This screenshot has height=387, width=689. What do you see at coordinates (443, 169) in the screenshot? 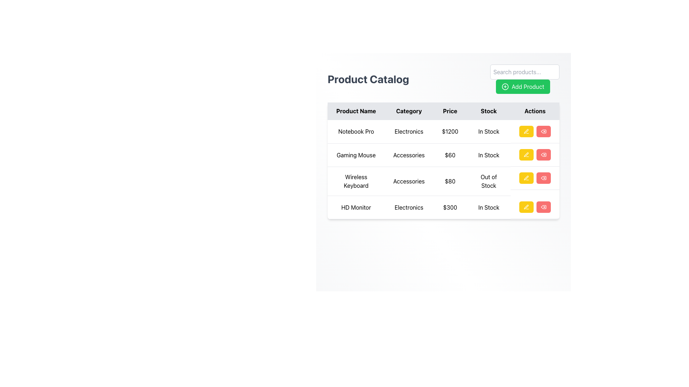
I see `the third row in the product listing table that displays details for 'Wireless Keyboard'` at bounding box center [443, 169].